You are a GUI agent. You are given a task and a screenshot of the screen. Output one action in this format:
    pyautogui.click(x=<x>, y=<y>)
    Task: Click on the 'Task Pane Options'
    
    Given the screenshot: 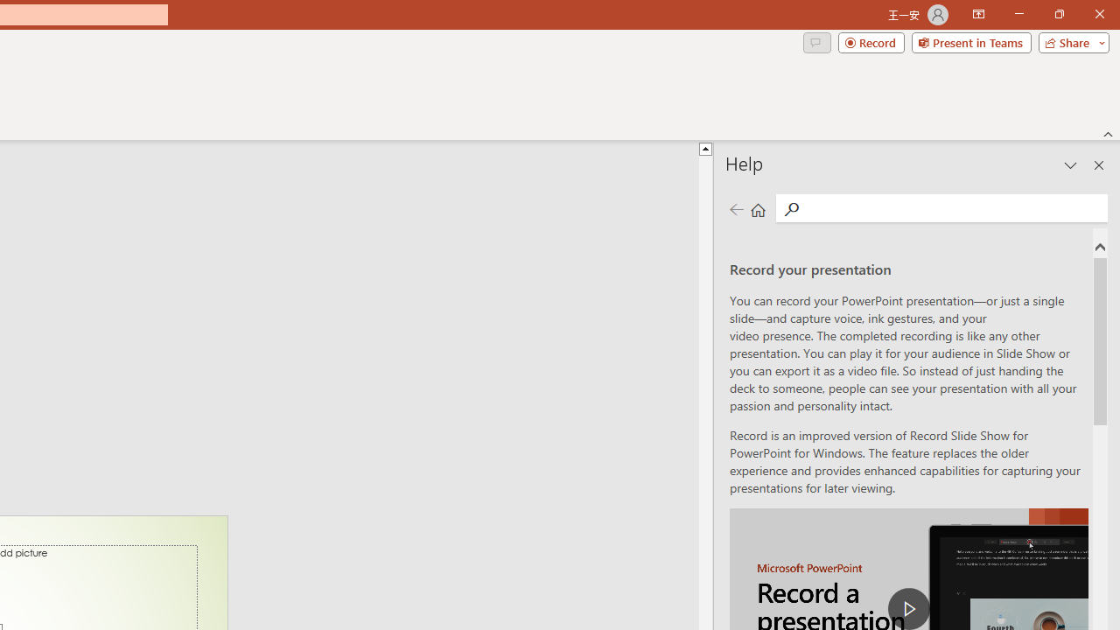 What is the action you would take?
    pyautogui.click(x=1070, y=165)
    